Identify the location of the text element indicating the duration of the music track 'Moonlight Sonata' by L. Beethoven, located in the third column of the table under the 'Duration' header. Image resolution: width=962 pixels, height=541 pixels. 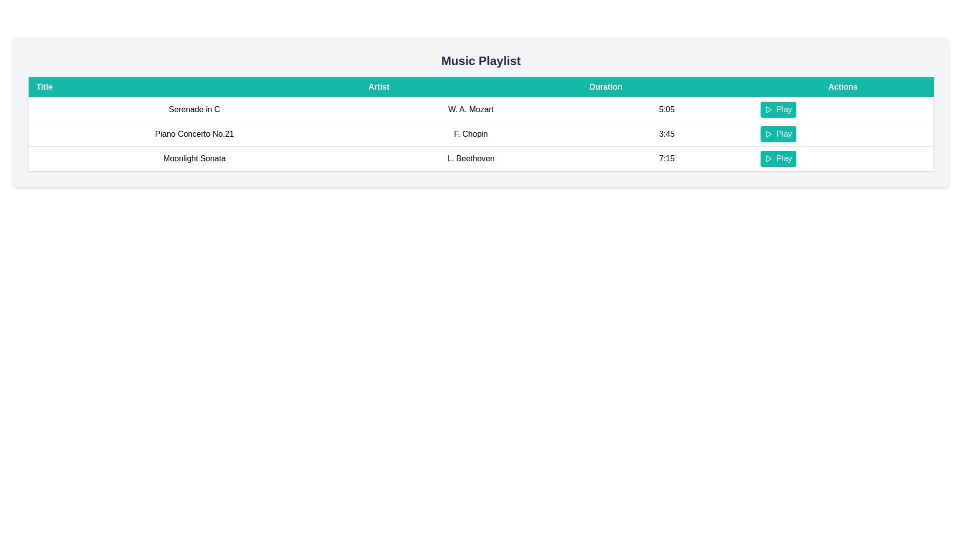
(667, 158).